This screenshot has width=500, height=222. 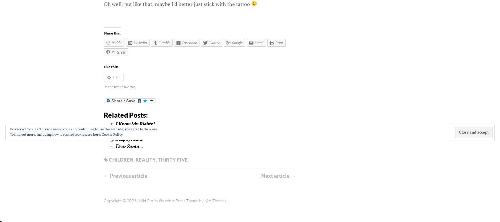 I want to click on 'Print', so click(x=279, y=42).